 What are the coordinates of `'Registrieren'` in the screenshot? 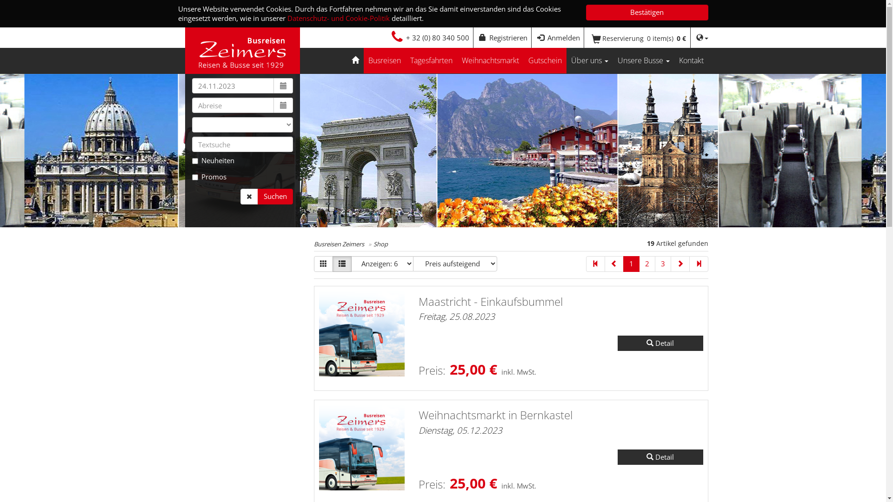 It's located at (502, 37).